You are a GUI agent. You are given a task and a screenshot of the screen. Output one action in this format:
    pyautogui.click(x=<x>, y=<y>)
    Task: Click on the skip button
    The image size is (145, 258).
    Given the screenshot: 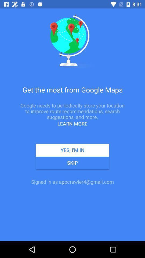 What is the action you would take?
    pyautogui.click(x=73, y=163)
    